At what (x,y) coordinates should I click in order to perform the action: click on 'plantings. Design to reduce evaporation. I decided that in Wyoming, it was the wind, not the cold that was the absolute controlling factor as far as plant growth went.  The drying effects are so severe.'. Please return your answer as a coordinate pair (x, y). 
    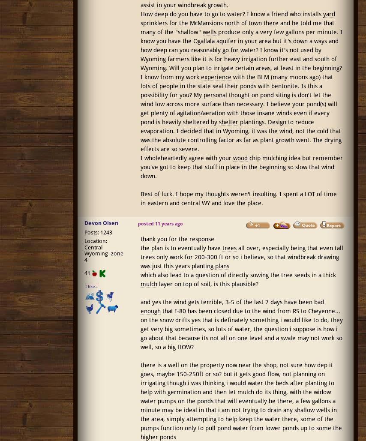
    Looking at the image, I should click on (240, 135).